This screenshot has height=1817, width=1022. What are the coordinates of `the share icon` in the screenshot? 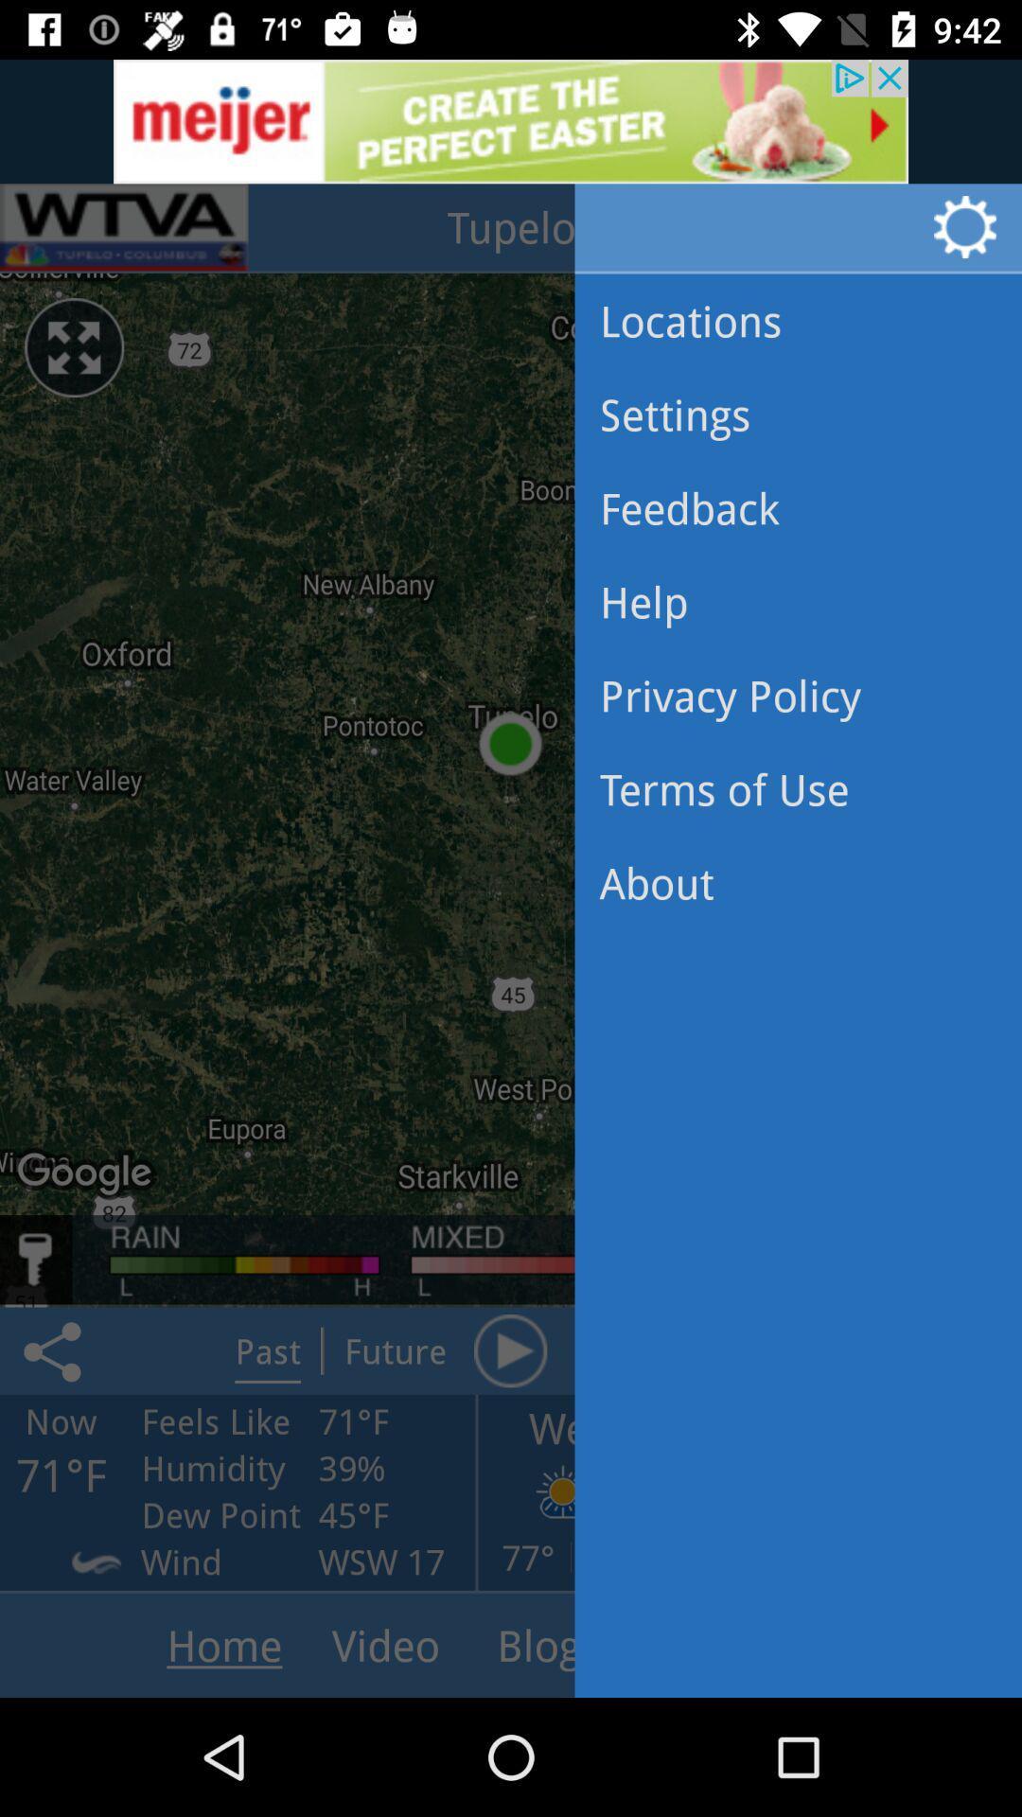 It's located at (55, 1350).